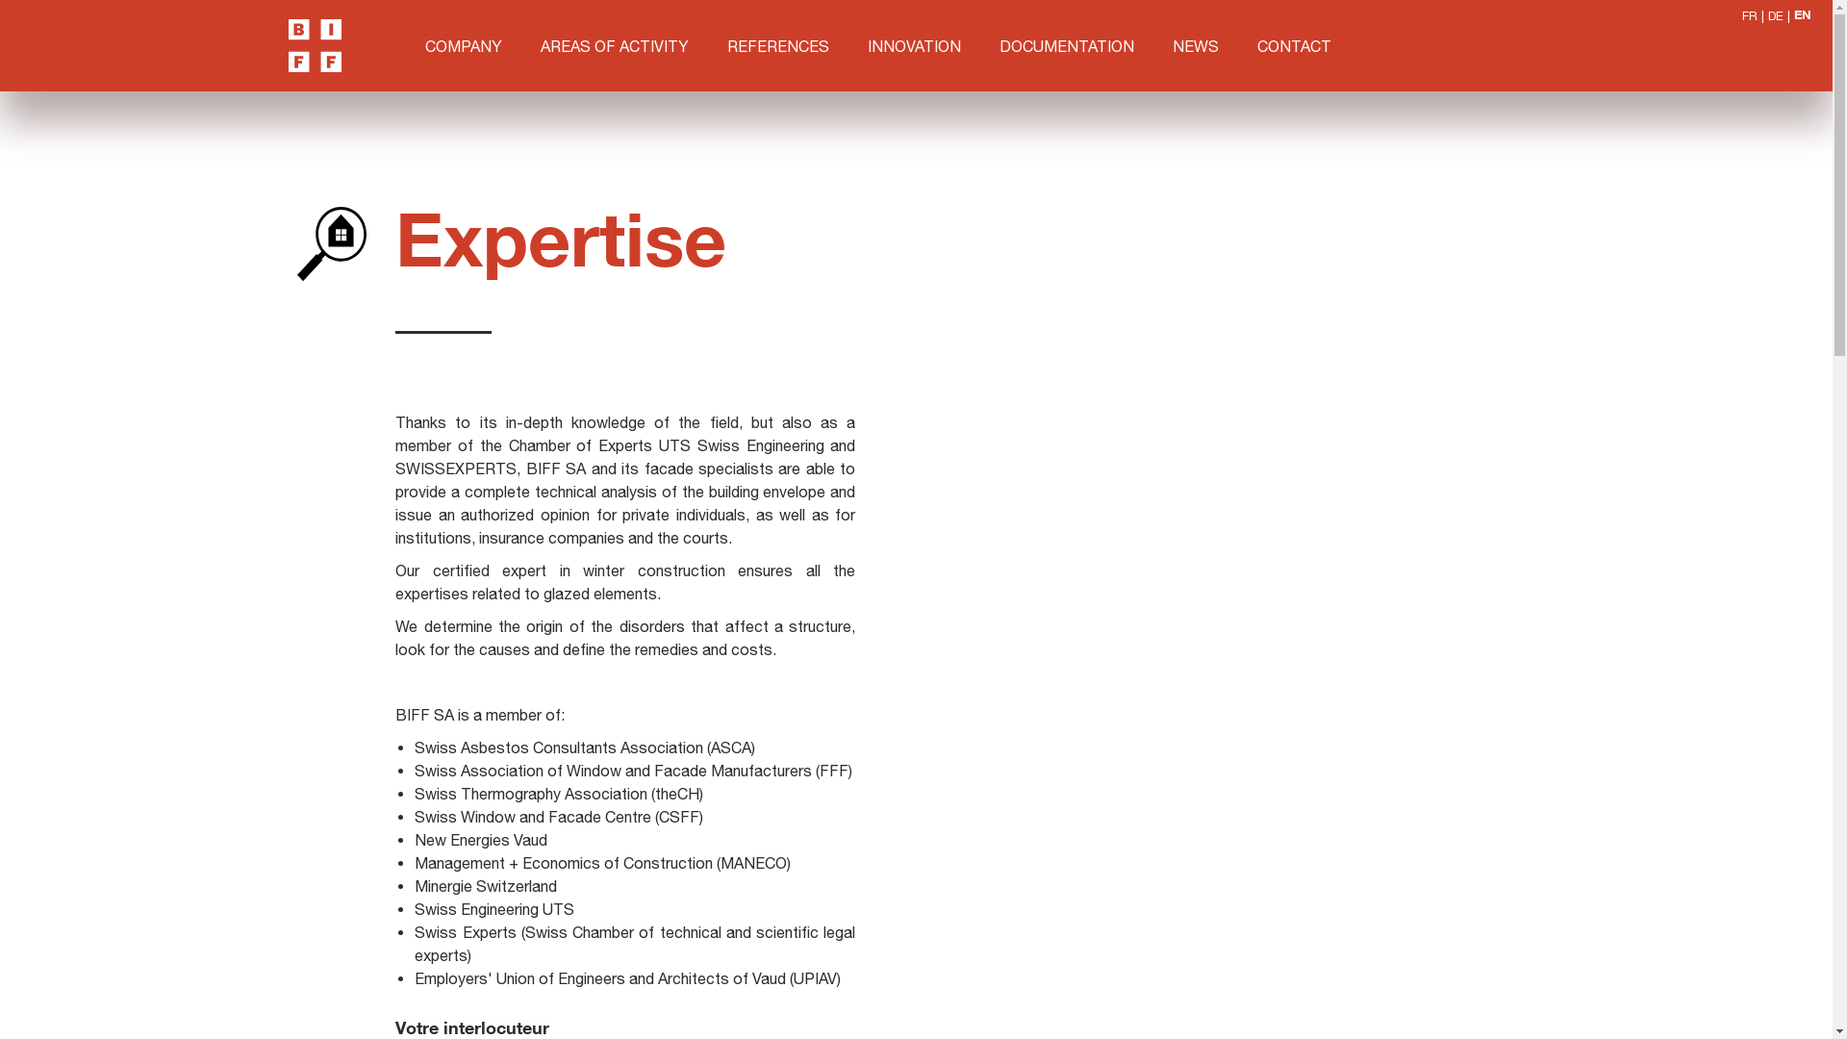 This screenshot has height=1039, width=1847. Describe the element at coordinates (778, 43) in the screenshot. I see `'REFERENCES'` at that location.